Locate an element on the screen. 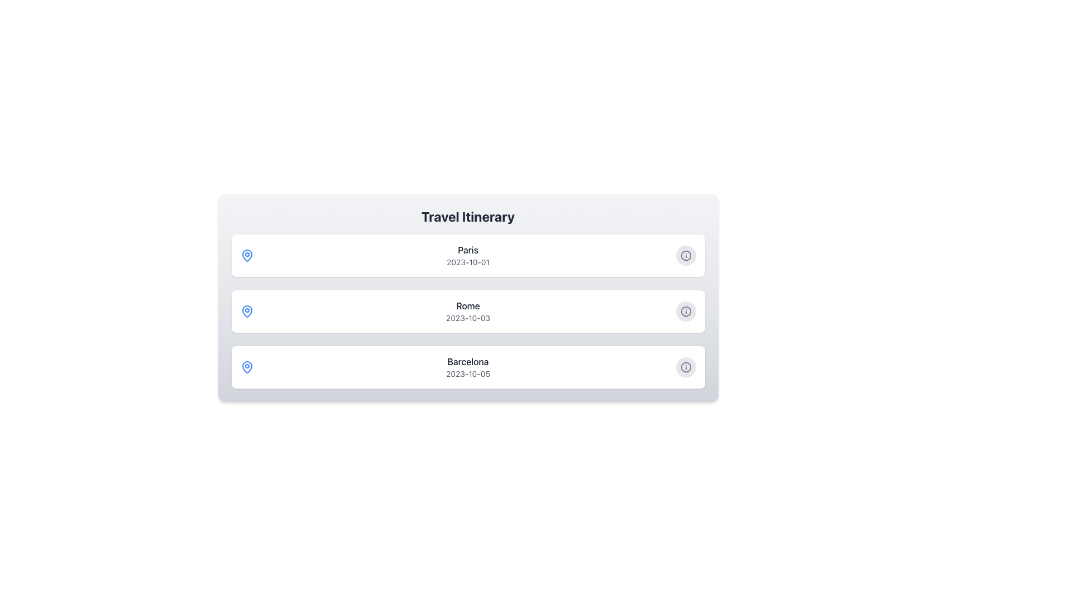 The height and width of the screenshot is (603, 1072). the pin-like icon representing a location in the travel itinerary list, adjacent to 'Rome' and its date is located at coordinates (246, 312).